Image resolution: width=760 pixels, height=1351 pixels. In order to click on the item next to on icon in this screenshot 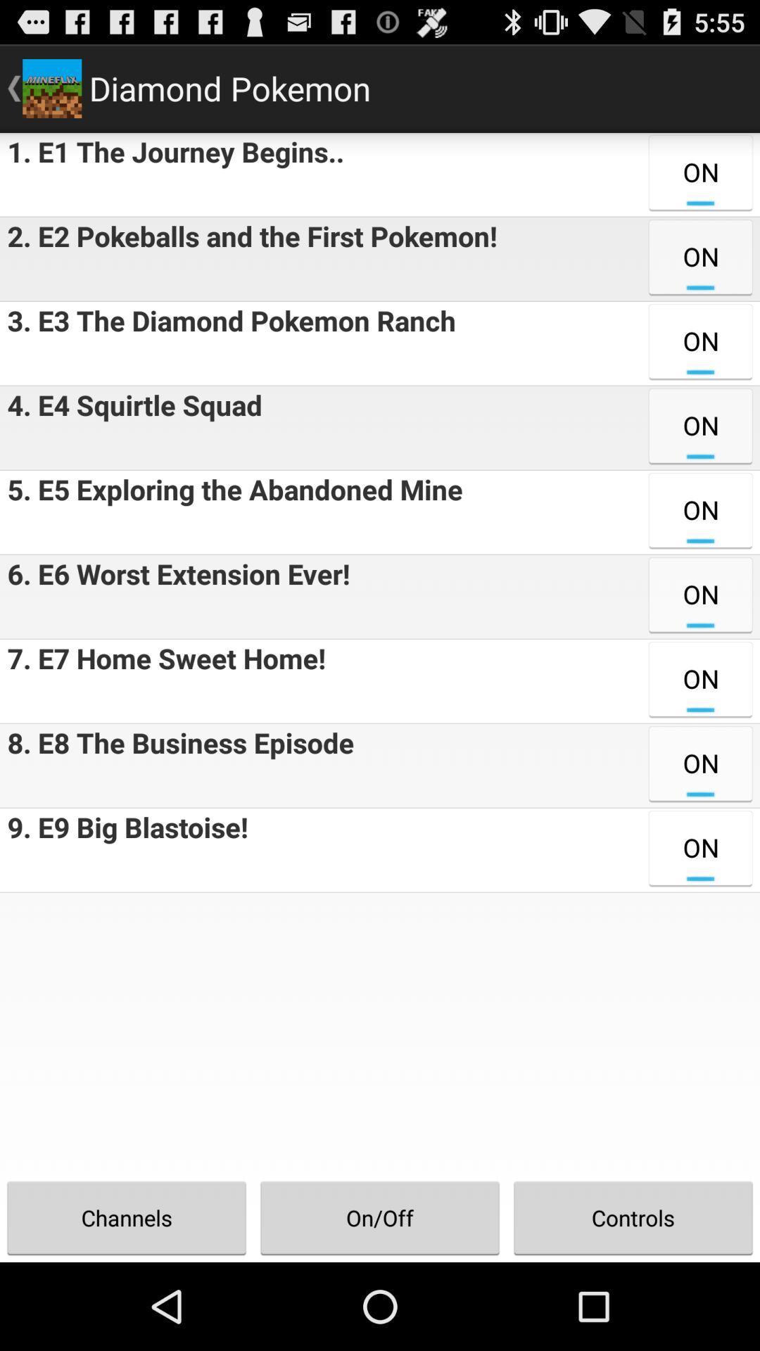, I will do `click(123, 849)`.